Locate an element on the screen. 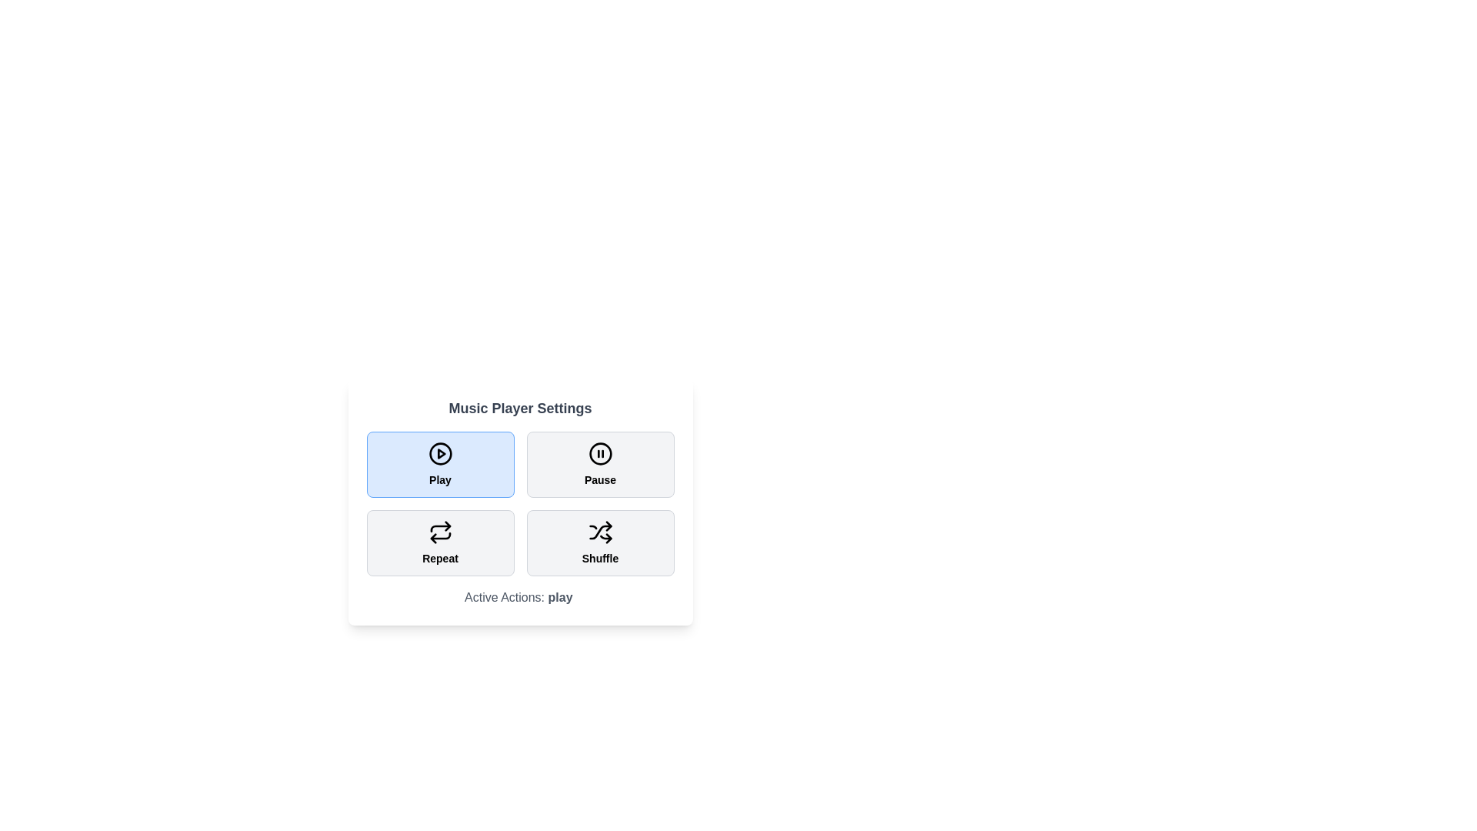 The width and height of the screenshot is (1477, 831). the Shuffle button to toggle its state is located at coordinates (599, 542).